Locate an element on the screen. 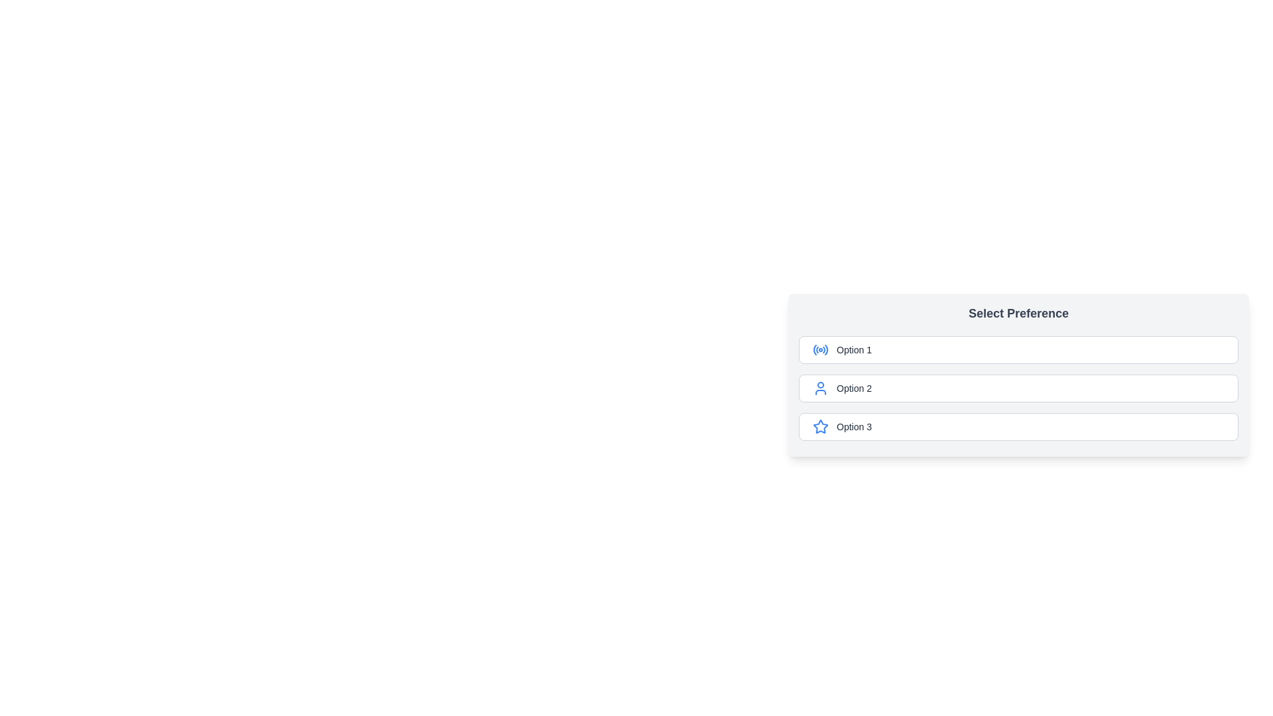  an option within the 'Select Preference' group of selectable options located in a light gray rounded box is located at coordinates (1018, 388).